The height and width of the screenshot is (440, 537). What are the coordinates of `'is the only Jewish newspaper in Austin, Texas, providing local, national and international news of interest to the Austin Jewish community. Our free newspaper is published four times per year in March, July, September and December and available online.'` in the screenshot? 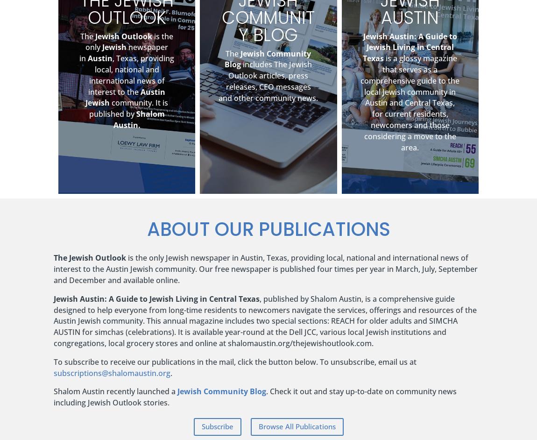 It's located at (266, 269).